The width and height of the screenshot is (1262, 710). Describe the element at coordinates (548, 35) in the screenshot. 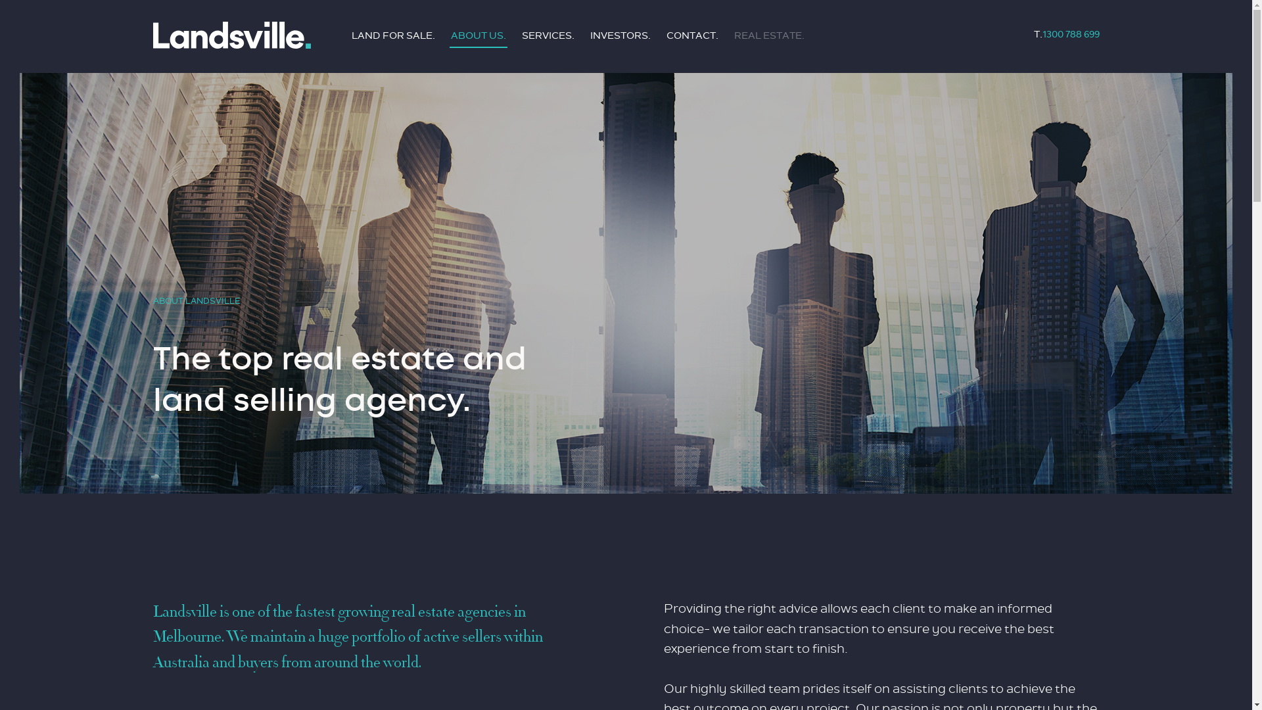

I see `'SERVICES.'` at that location.